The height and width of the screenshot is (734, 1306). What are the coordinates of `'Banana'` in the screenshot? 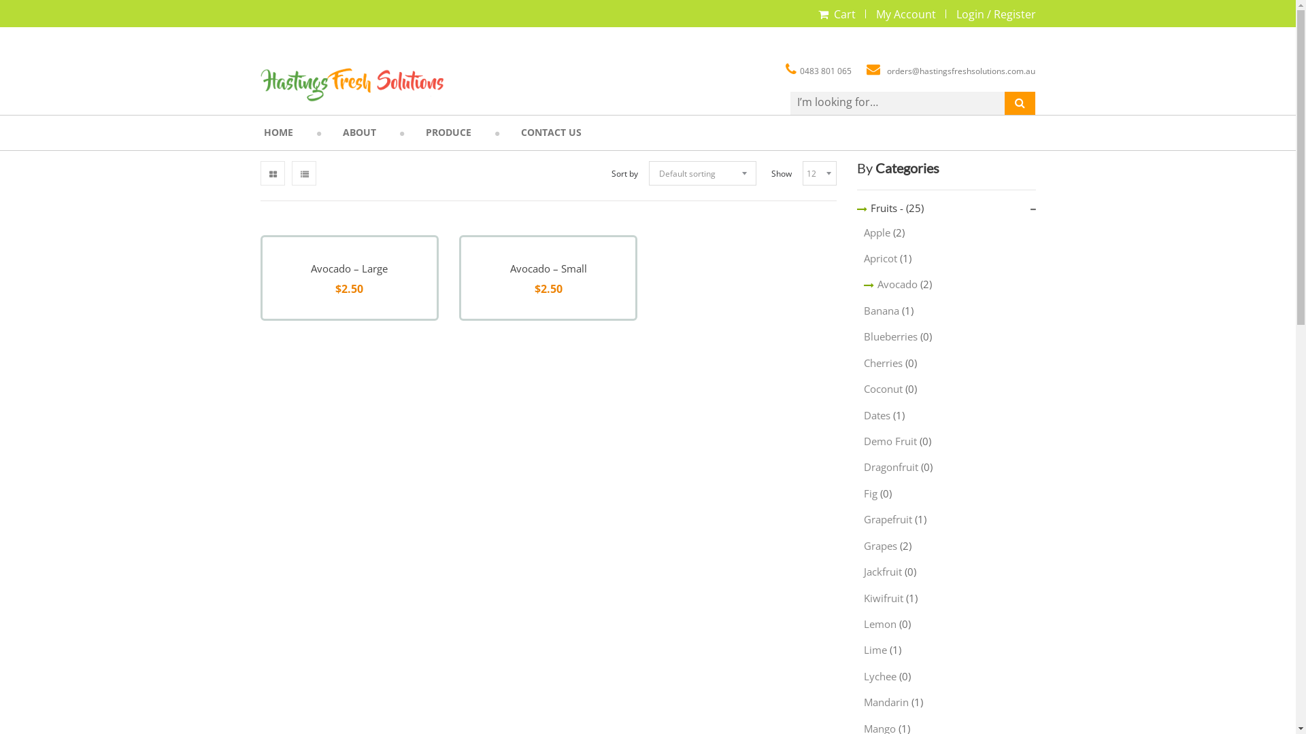 It's located at (882, 310).